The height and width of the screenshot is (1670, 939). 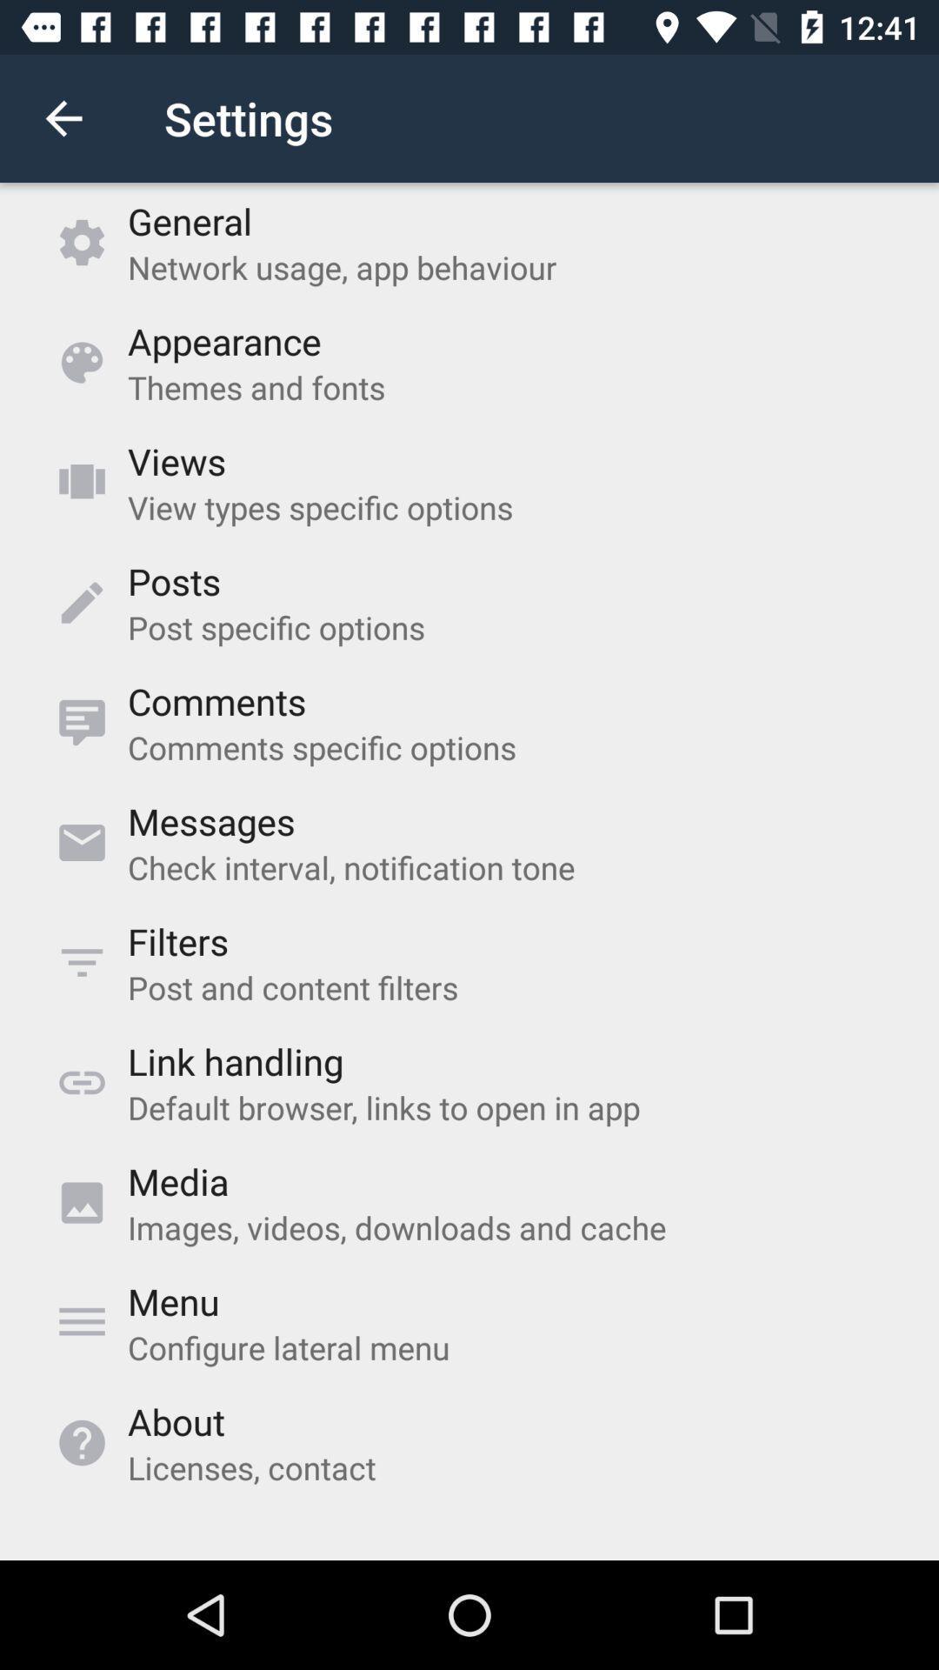 What do you see at coordinates (176, 461) in the screenshot?
I see `views item` at bounding box center [176, 461].